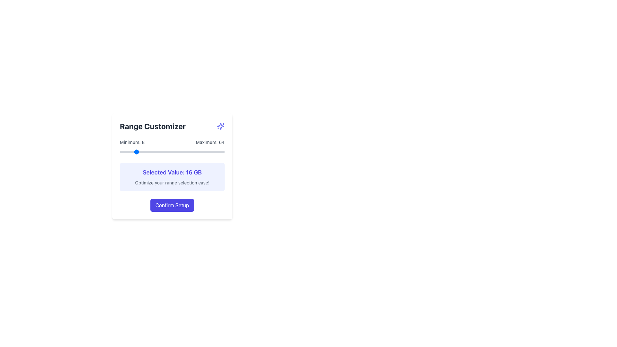  Describe the element at coordinates (153, 152) in the screenshot. I see `the slider` at that location.